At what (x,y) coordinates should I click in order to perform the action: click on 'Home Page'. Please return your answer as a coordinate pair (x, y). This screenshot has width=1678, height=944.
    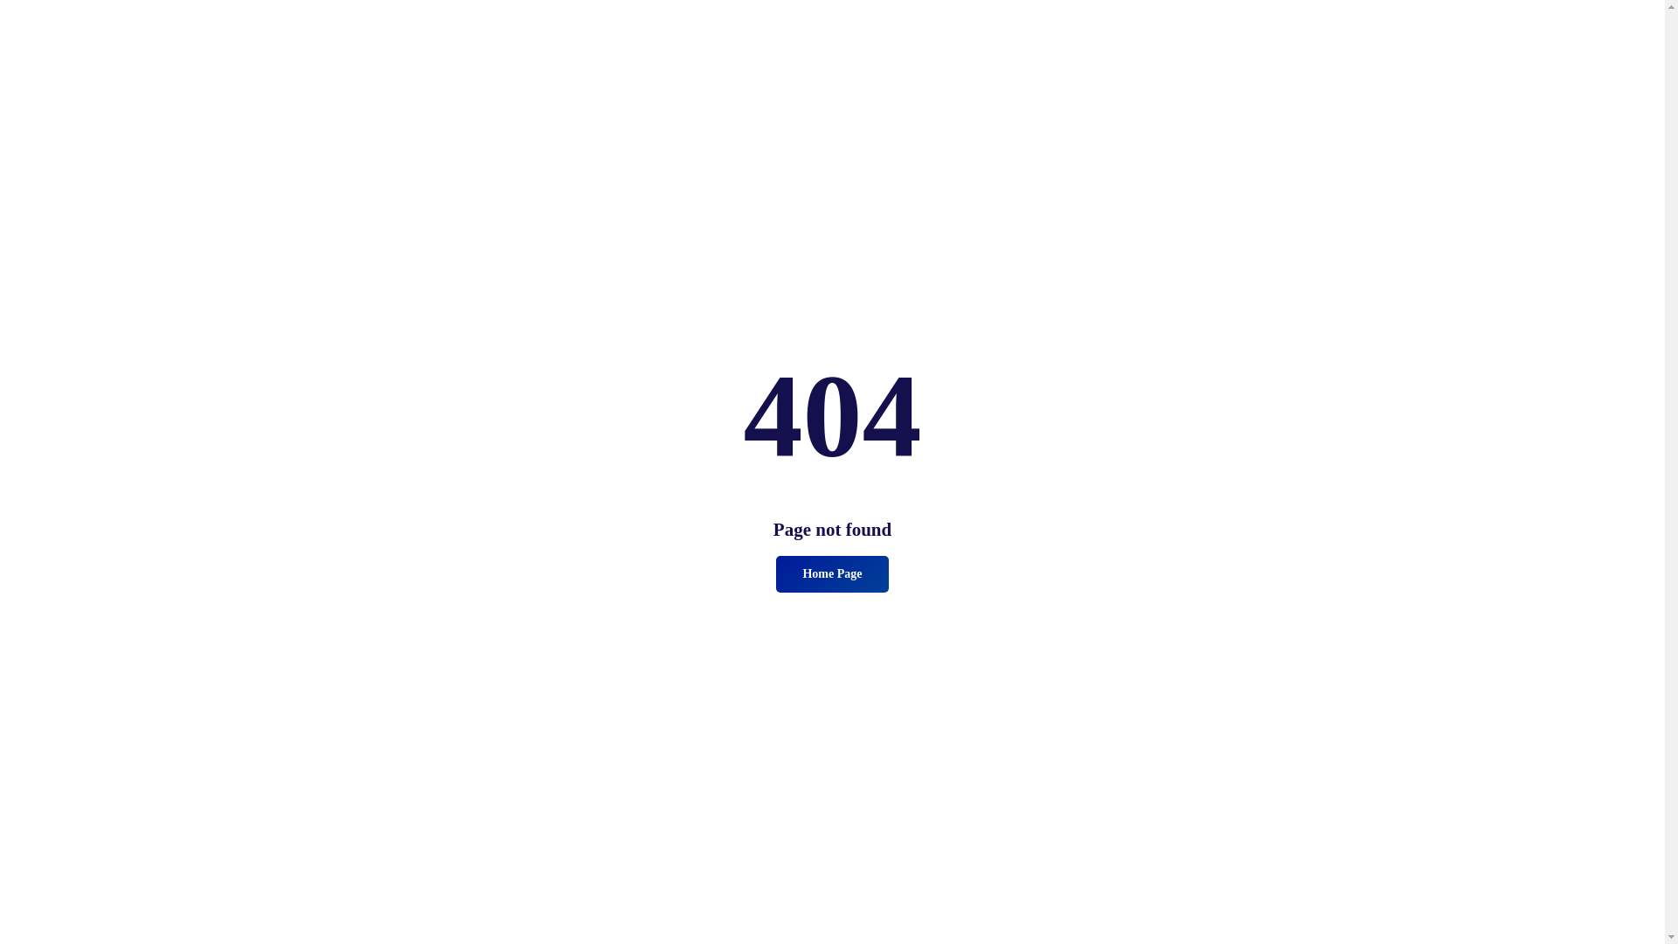
    Looking at the image, I should click on (830, 573).